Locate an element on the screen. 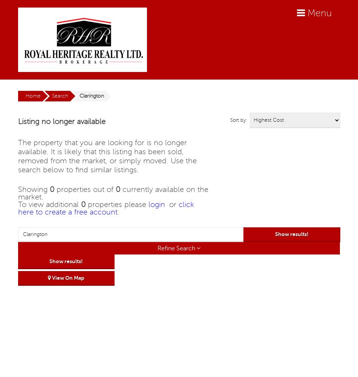  'To view additional' is located at coordinates (18, 205).